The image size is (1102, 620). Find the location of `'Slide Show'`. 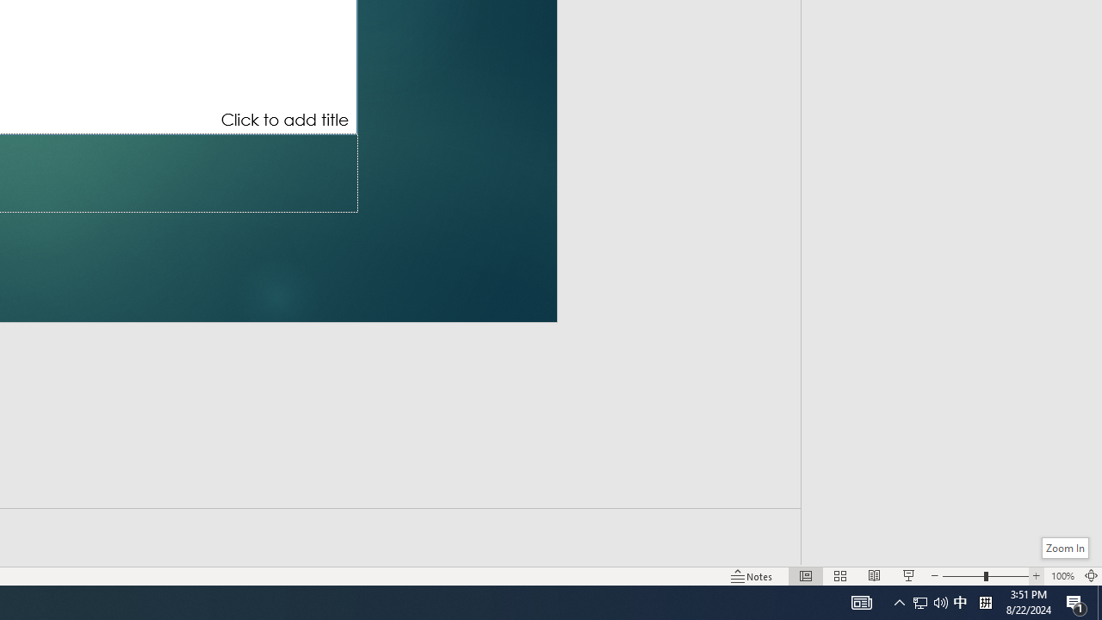

'Slide Show' is located at coordinates (908, 576).